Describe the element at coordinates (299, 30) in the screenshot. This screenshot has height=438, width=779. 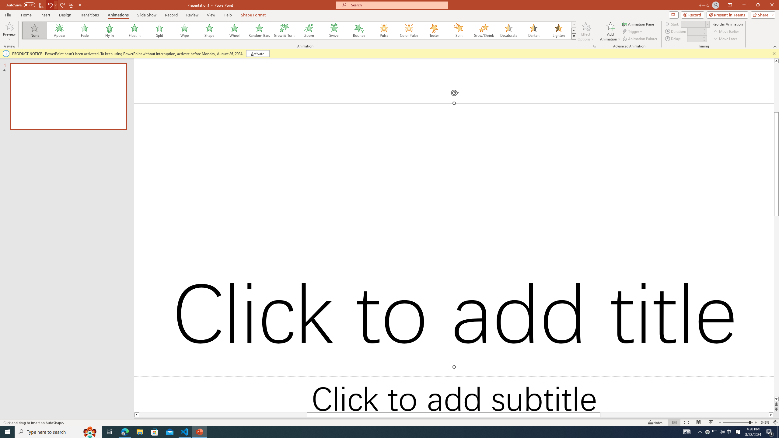
I see `'AutomationID: AnimationGallery'` at that location.